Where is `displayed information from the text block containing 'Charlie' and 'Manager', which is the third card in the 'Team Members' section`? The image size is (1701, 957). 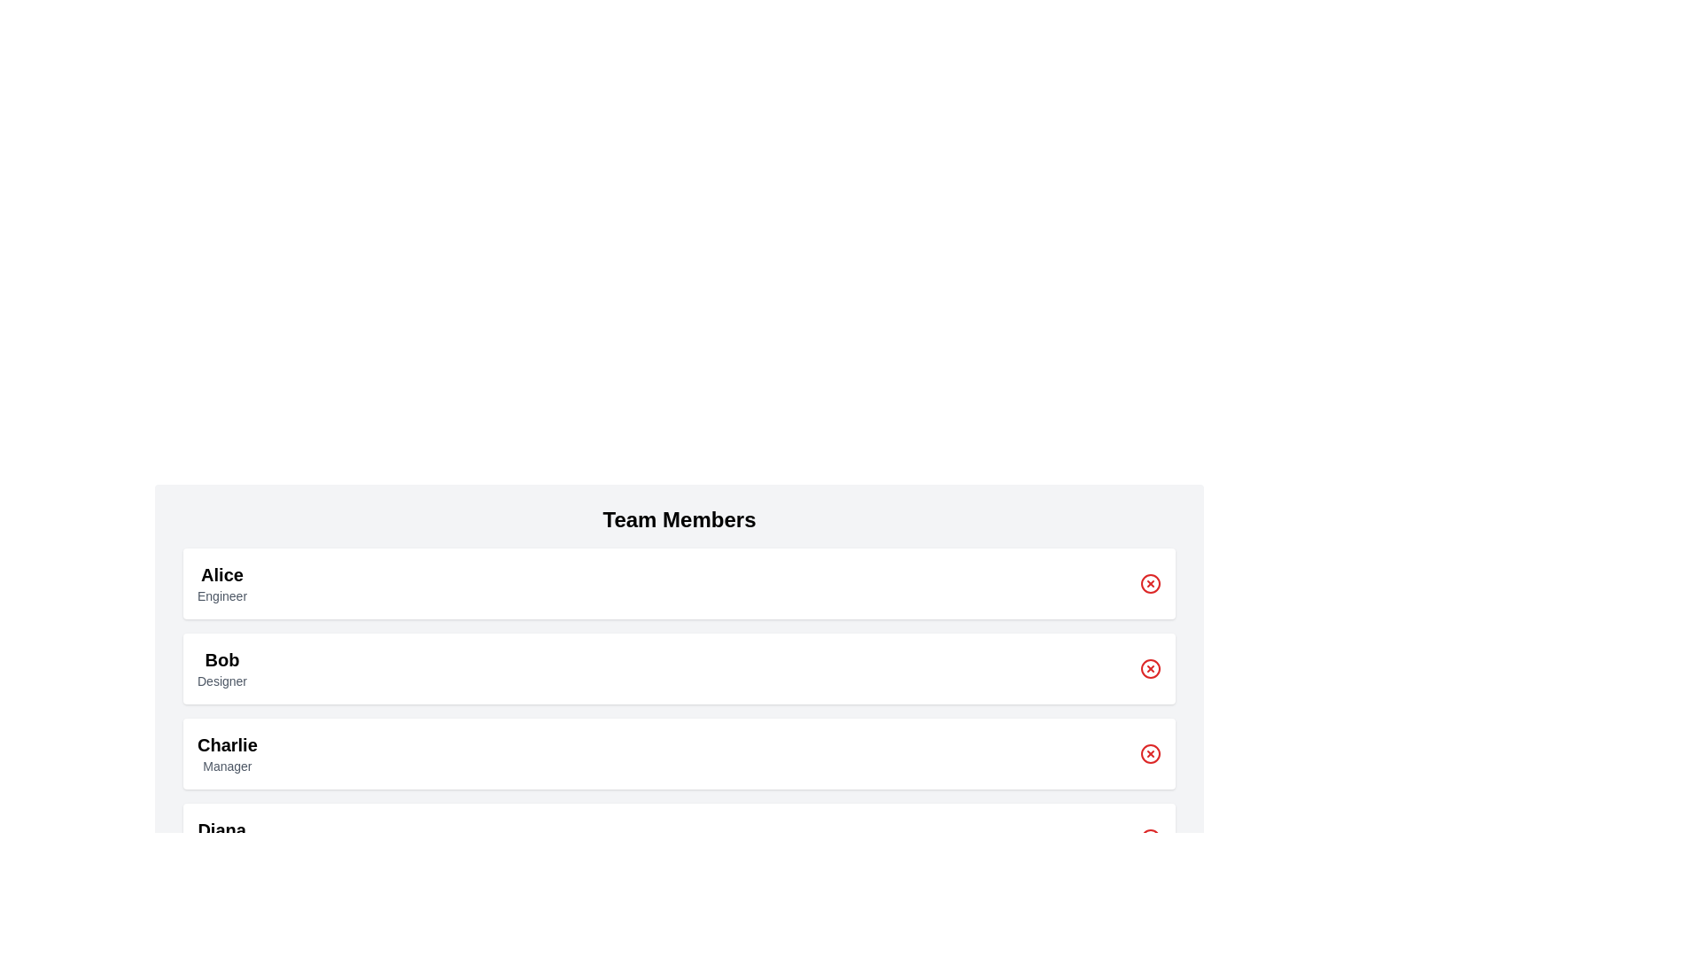
displayed information from the text block containing 'Charlie' and 'Manager', which is the third card in the 'Team Members' section is located at coordinates (226, 754).